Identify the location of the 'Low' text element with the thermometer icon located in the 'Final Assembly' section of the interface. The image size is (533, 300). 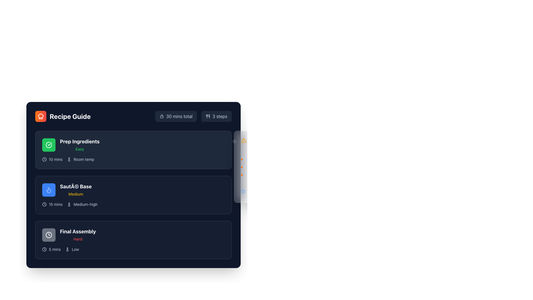
(72, 249).